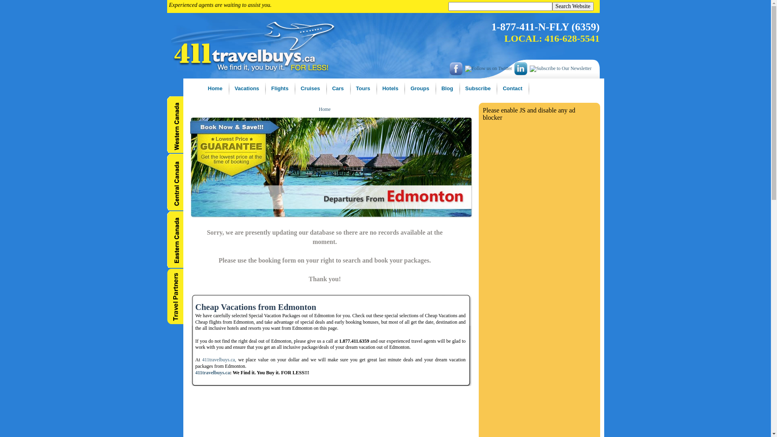  I want to click on 'Search Website', so click(552, 6).